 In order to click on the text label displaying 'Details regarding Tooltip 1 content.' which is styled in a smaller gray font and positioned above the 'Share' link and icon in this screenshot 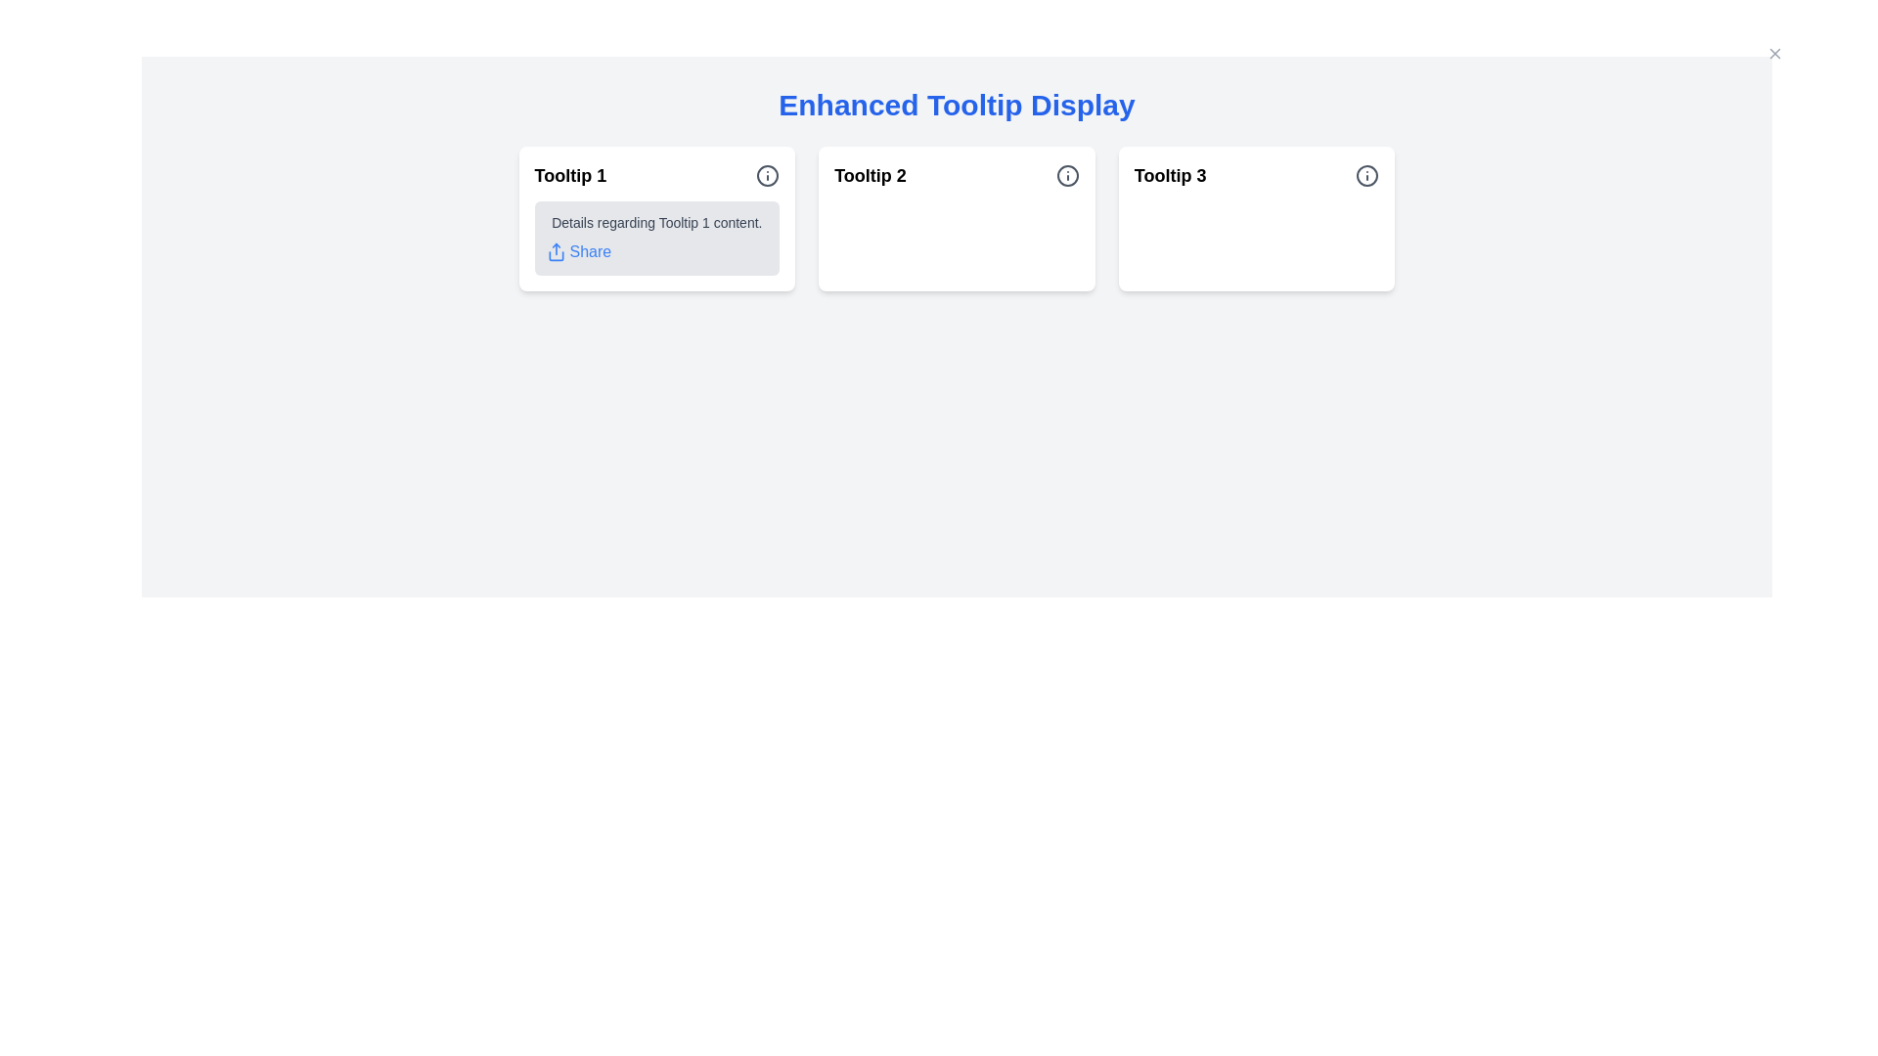, I will do `click(656, 221)`.